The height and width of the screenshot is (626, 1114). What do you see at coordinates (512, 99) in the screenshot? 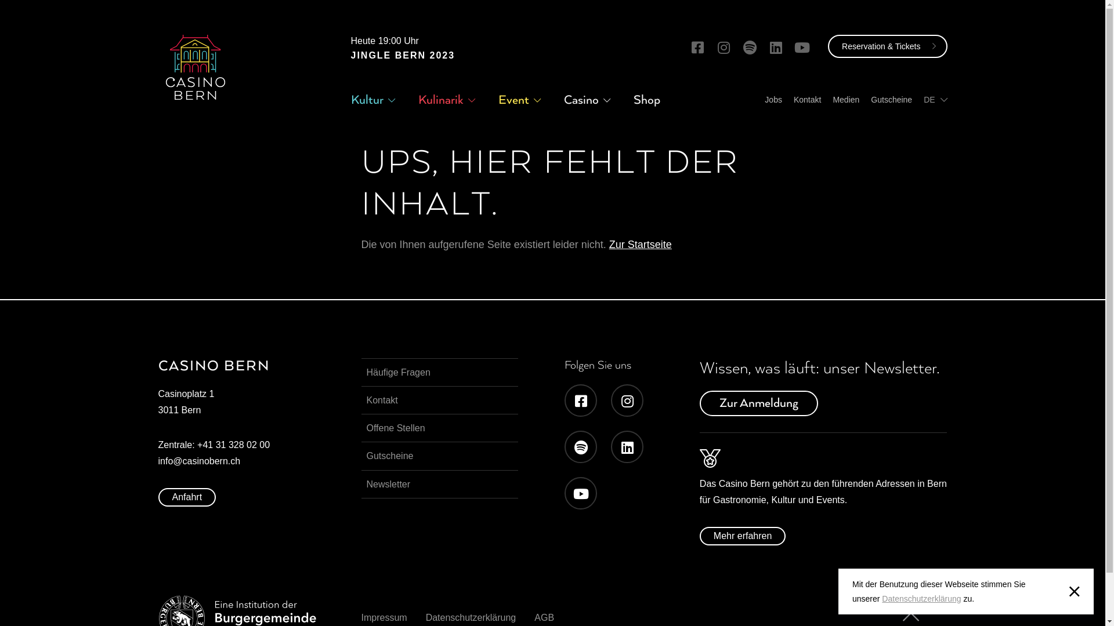
I see `'Event'` at bounding box center [512, 99].